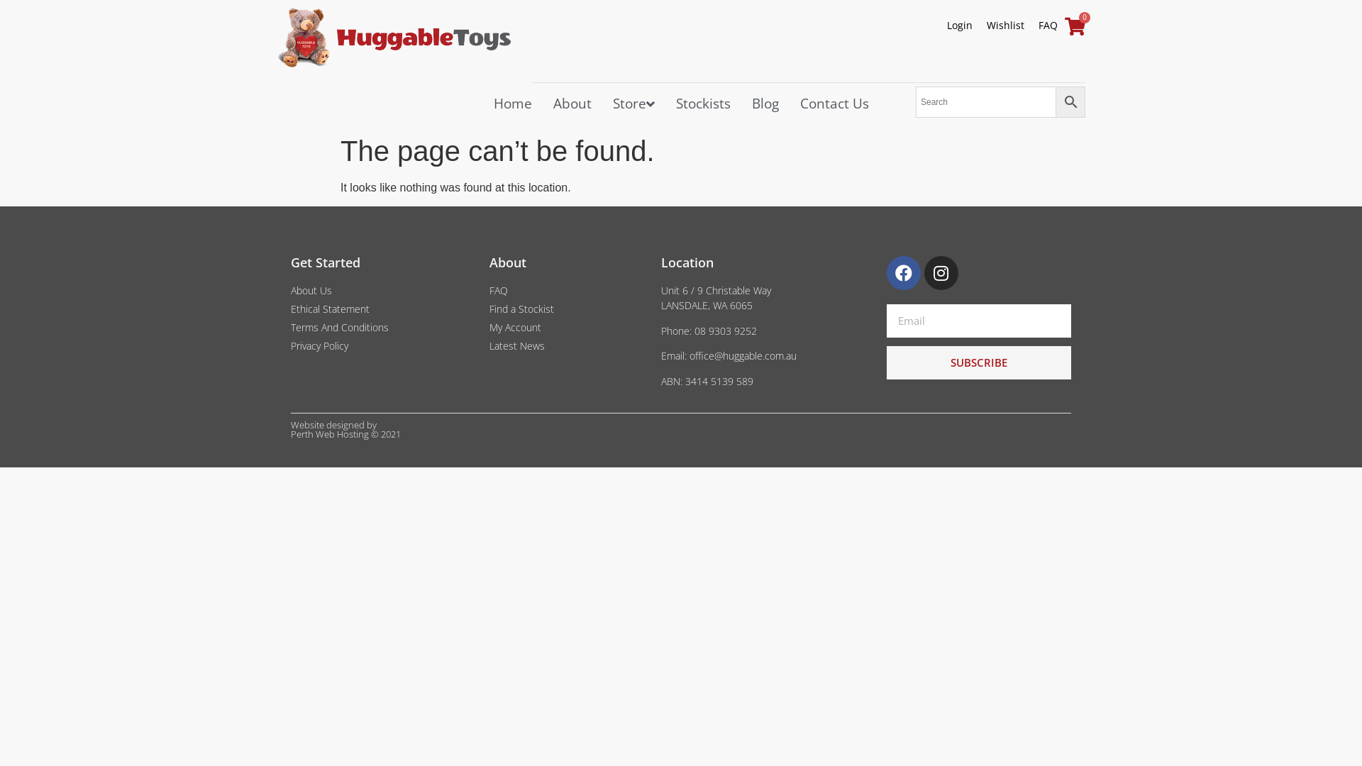 Image resolution: width=1362 pixels, height=766 pixels. I want to click on 'My Account', so click(568, 327).